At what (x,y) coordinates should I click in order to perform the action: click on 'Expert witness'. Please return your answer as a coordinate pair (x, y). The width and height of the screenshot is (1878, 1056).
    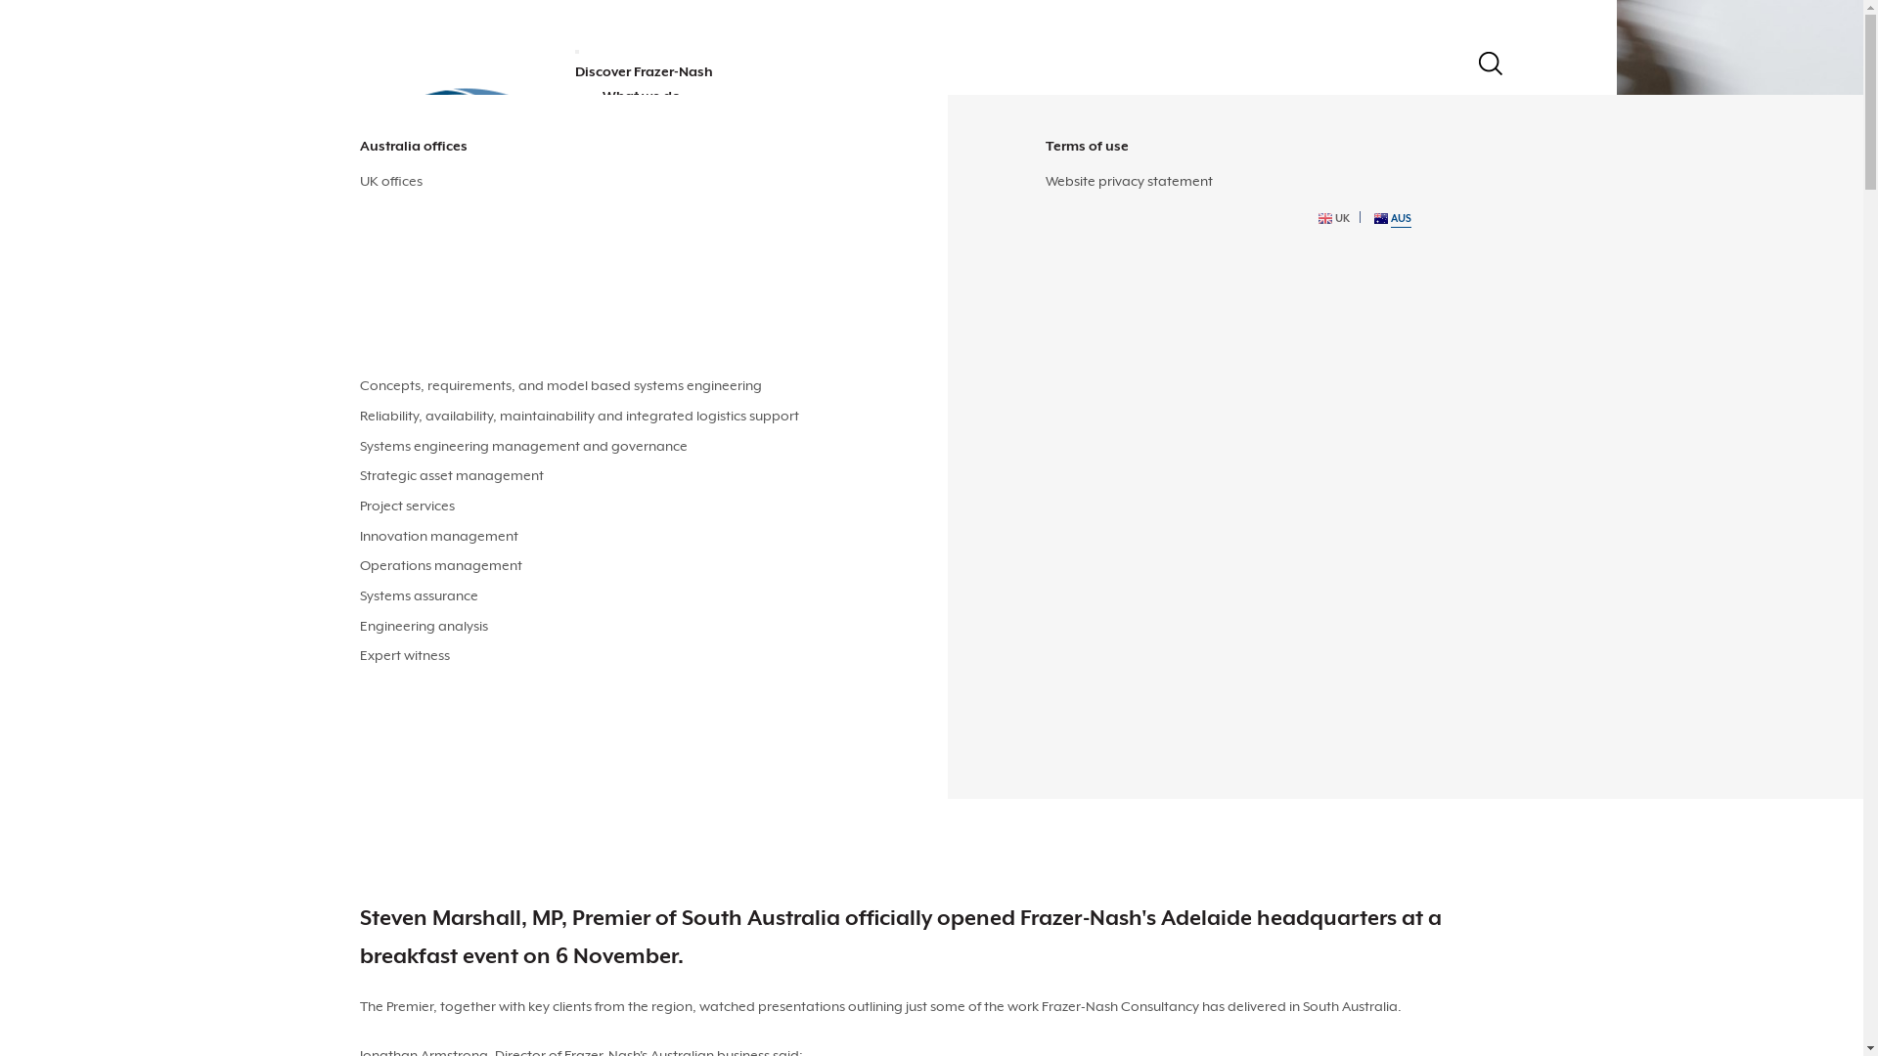
    Looking at the image, I should click on (403, 655).